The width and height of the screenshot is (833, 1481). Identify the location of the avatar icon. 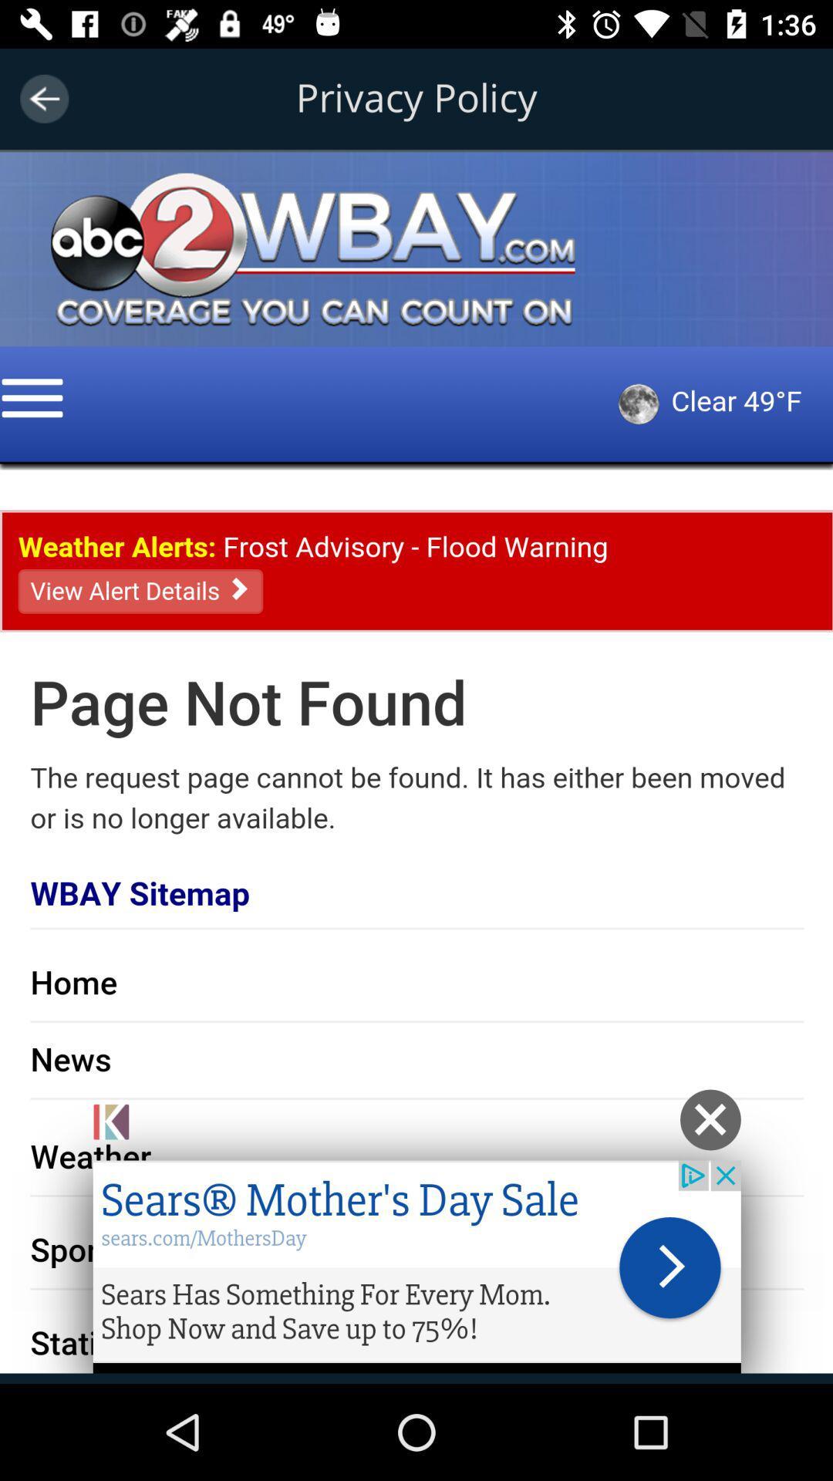
(101, 185).